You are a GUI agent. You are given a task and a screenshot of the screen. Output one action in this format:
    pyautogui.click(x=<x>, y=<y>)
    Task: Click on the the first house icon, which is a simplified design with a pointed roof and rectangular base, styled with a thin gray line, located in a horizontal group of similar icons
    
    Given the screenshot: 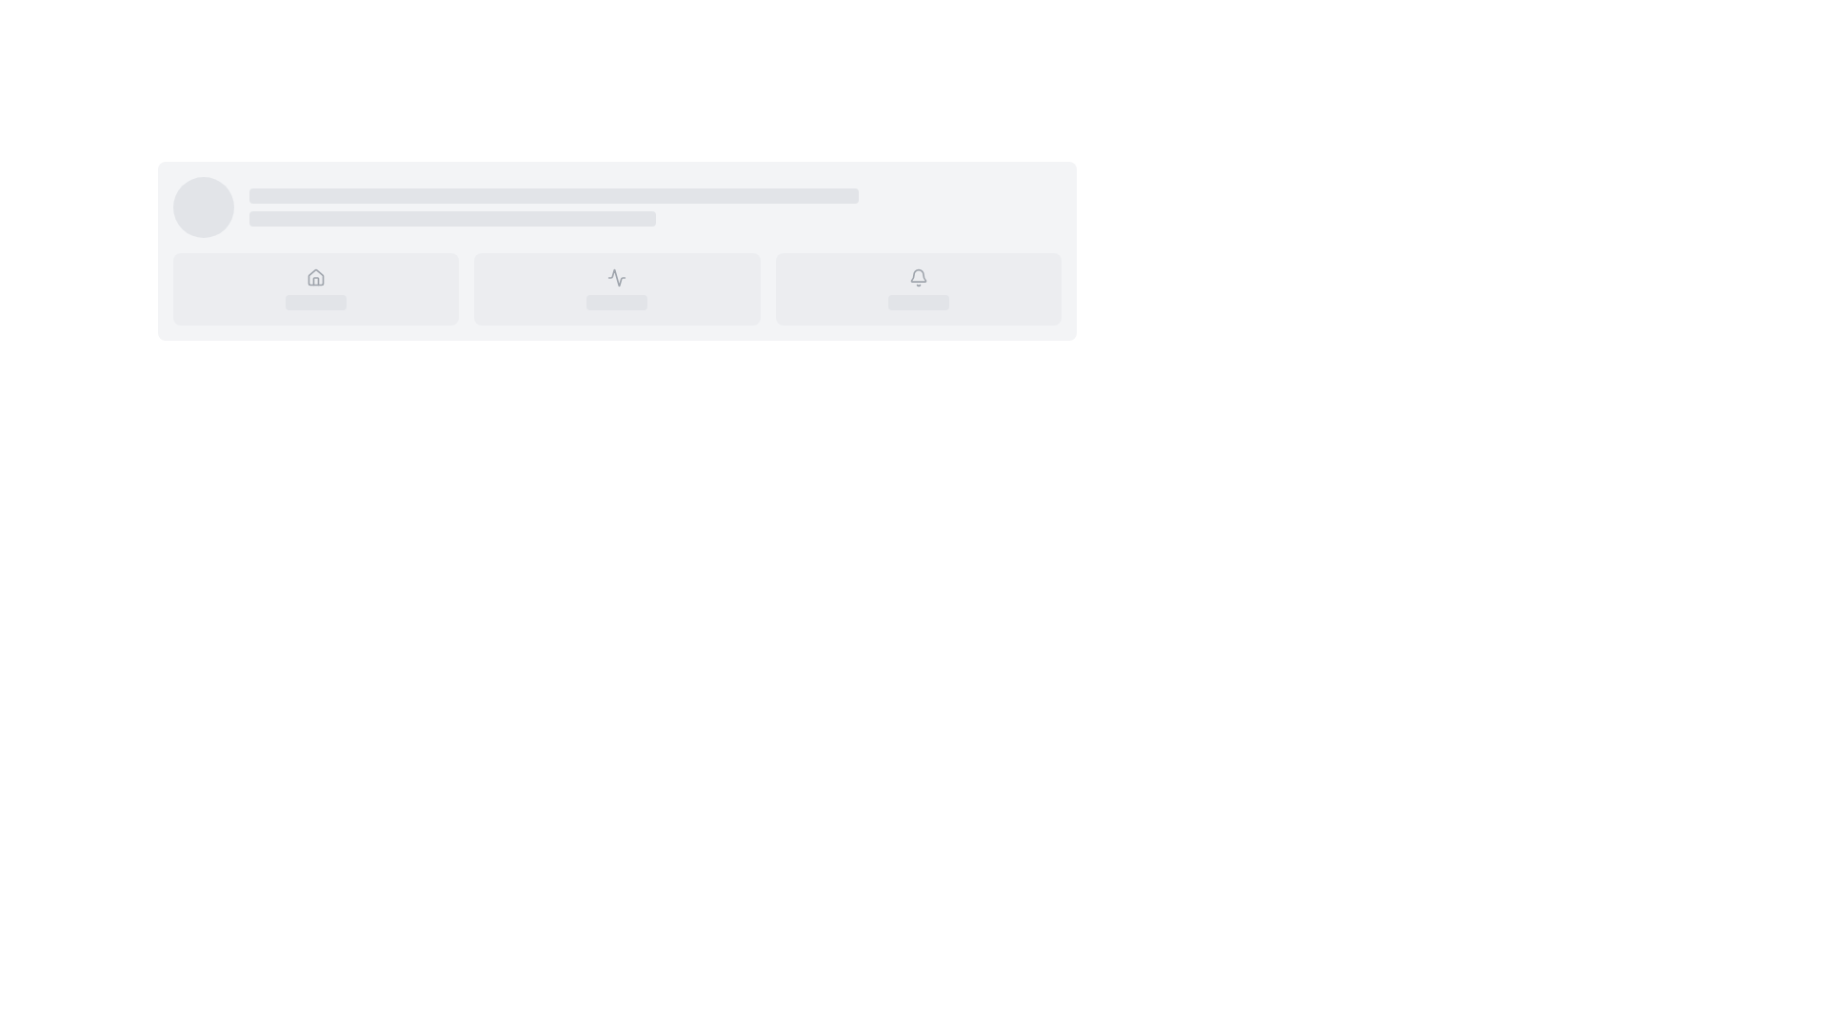 What is the action you would take?
    pyautogui.click(x=316, y=277)
    